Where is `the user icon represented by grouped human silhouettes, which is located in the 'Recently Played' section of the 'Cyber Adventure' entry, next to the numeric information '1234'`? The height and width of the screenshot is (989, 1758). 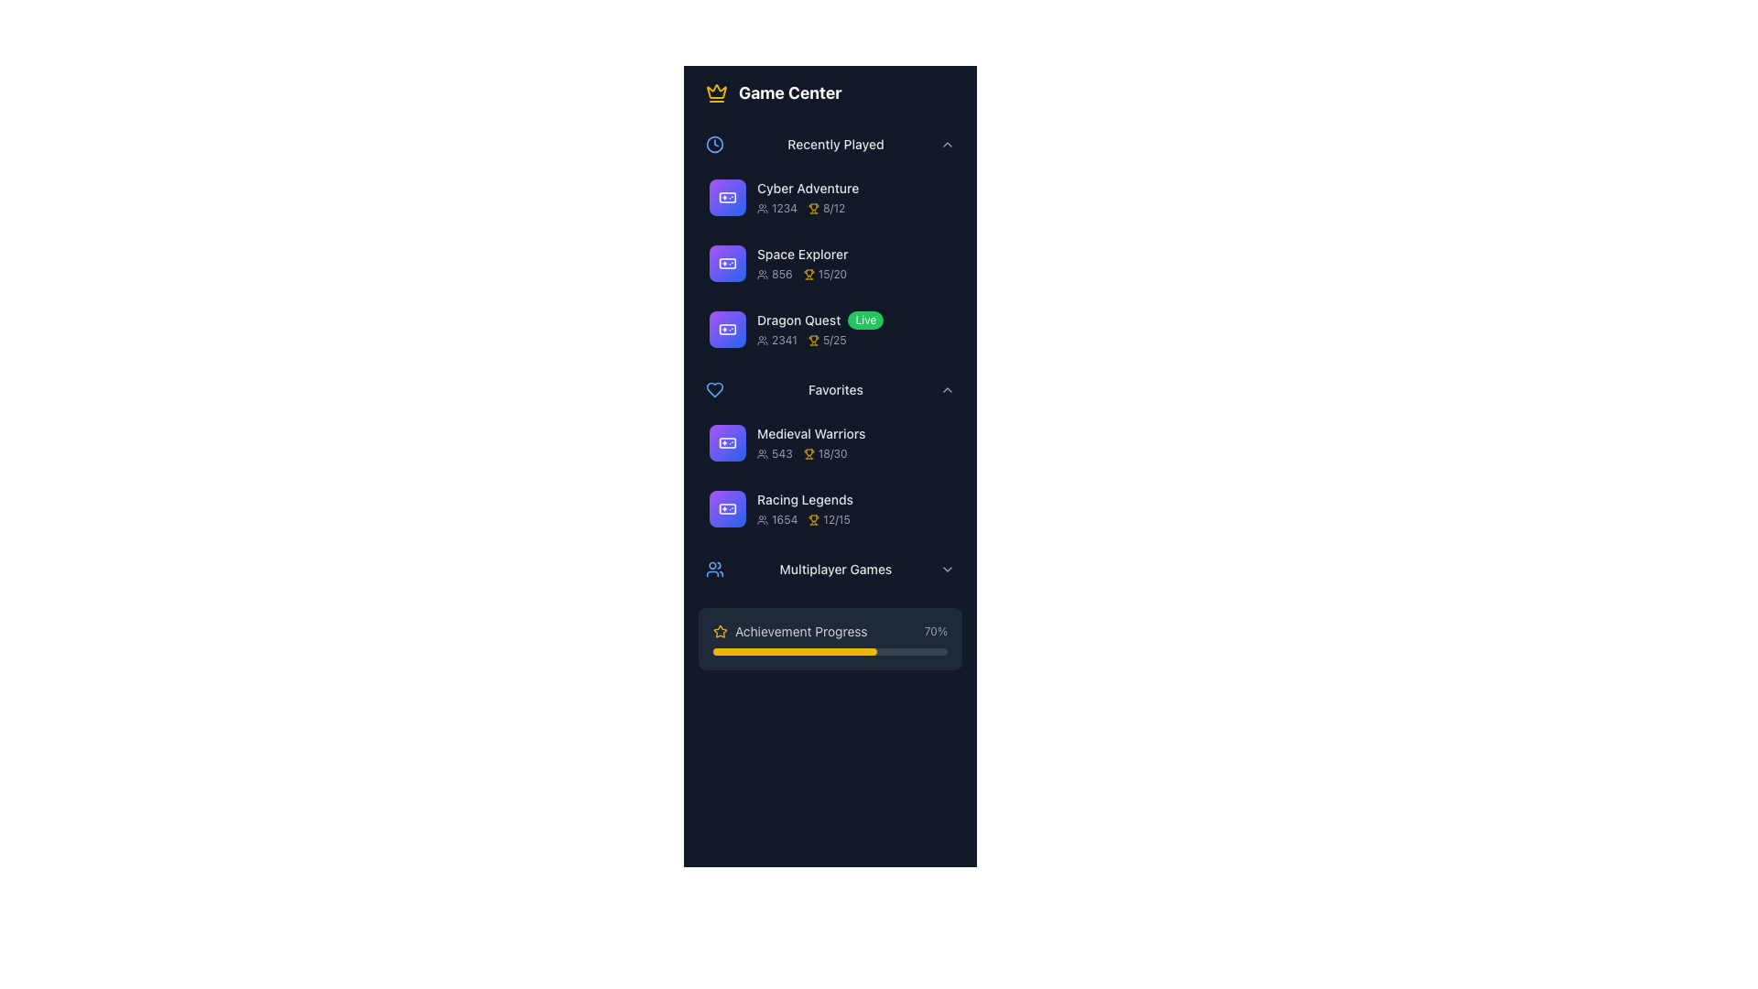
the user icon represented by grouped human silhouettes, which is located in the 'Recently Played' section of the 'Cyber Adventure' entry, next to the numeric information '1234' is located at coordinates (763, 207).